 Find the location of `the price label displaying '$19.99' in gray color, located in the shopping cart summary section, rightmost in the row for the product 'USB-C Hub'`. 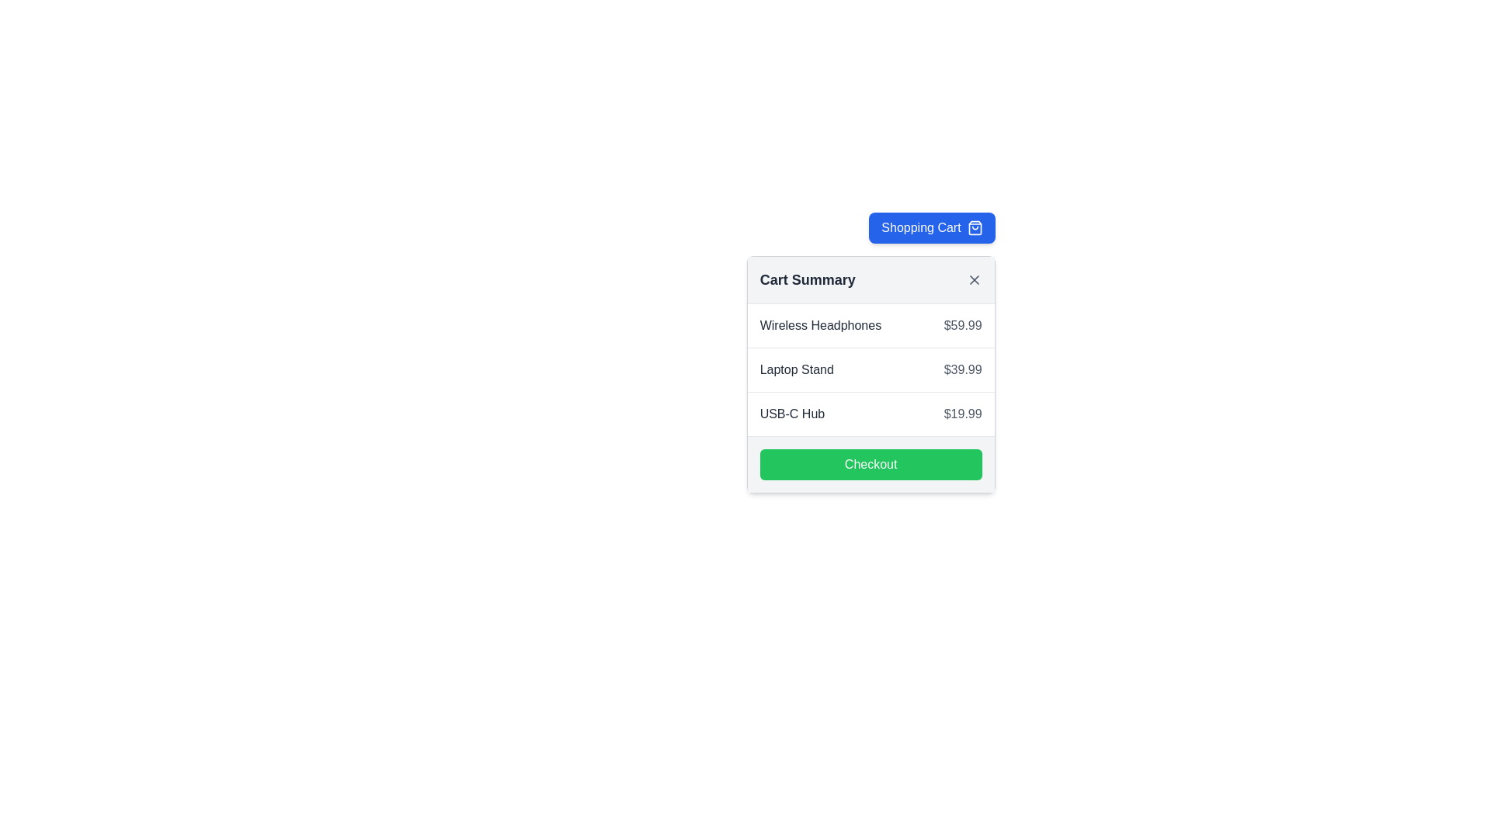

the price label displaying '$19.99' in gray color, located in the shopping cart summary section, rightmost in the row for the product 'USB-C Hub' is located at coordinates (962, 413).